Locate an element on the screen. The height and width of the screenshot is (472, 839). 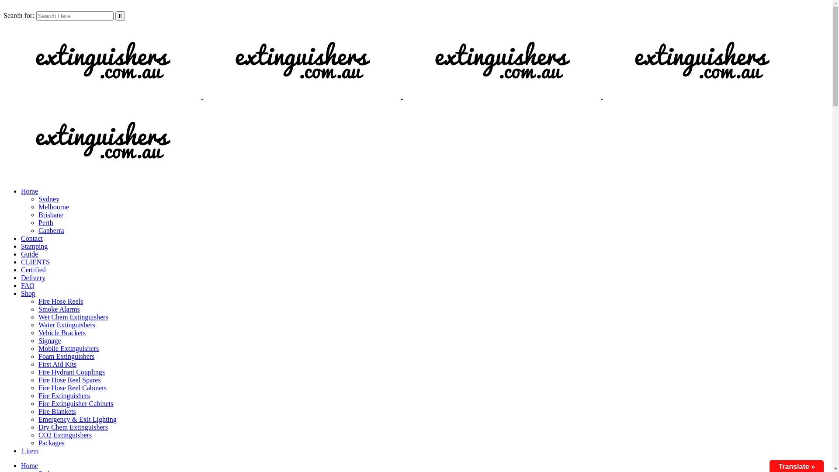
'Fire Blankets' is located at coordinates (56, 411).